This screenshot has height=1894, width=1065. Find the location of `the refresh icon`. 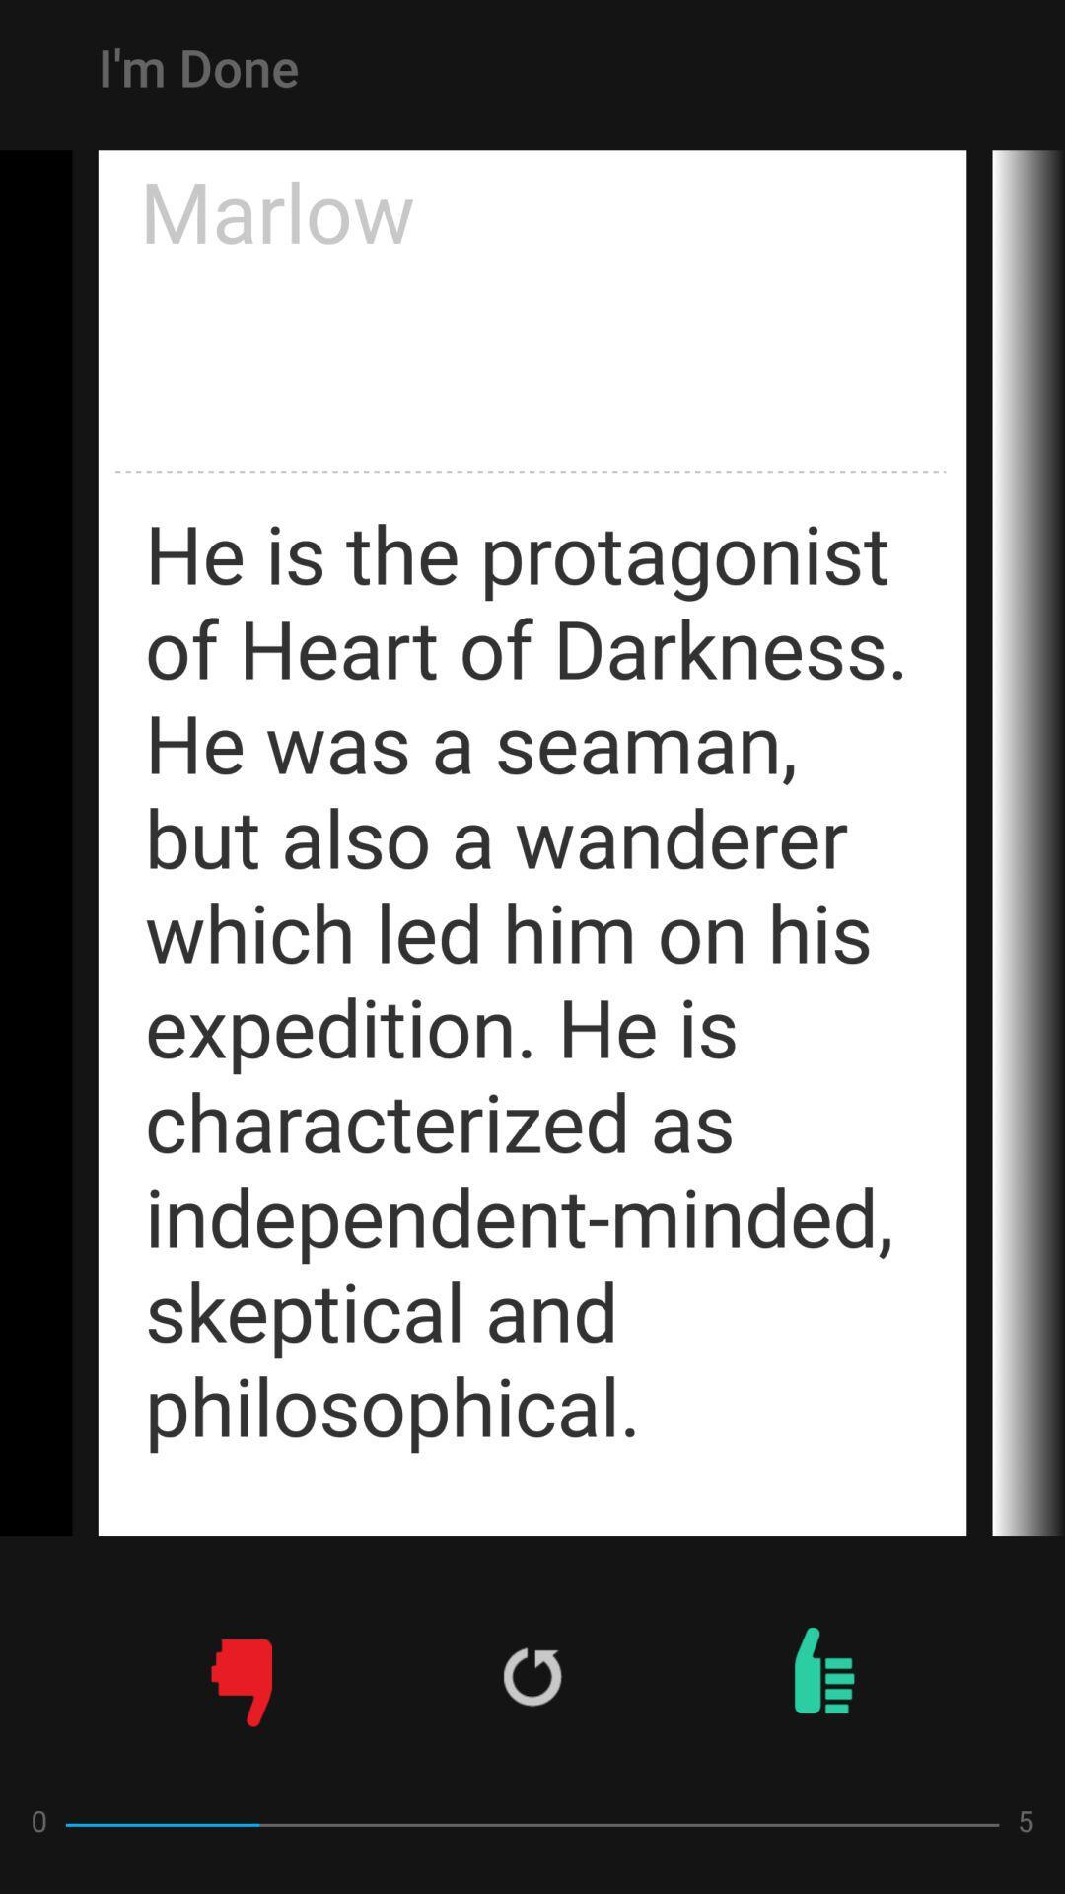

the refresh icon is located at coordinates (532, 1675).